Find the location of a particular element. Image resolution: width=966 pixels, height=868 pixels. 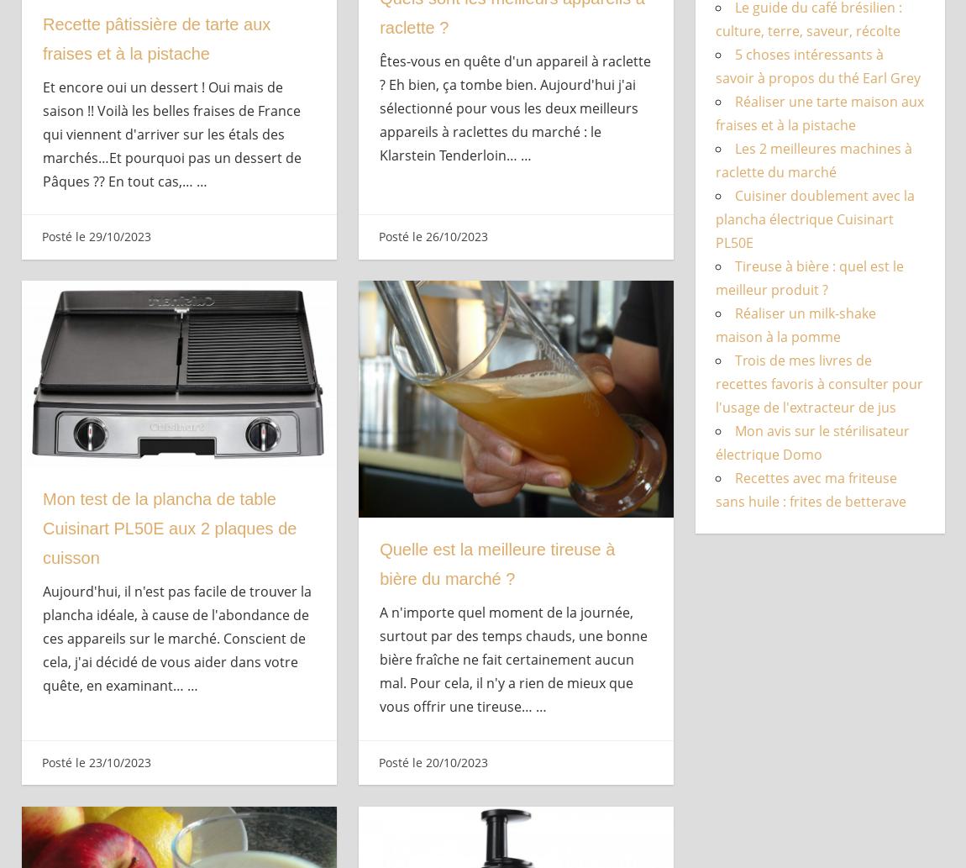

'Posté le 23/10/2023' is located at coordinates (94, 760).